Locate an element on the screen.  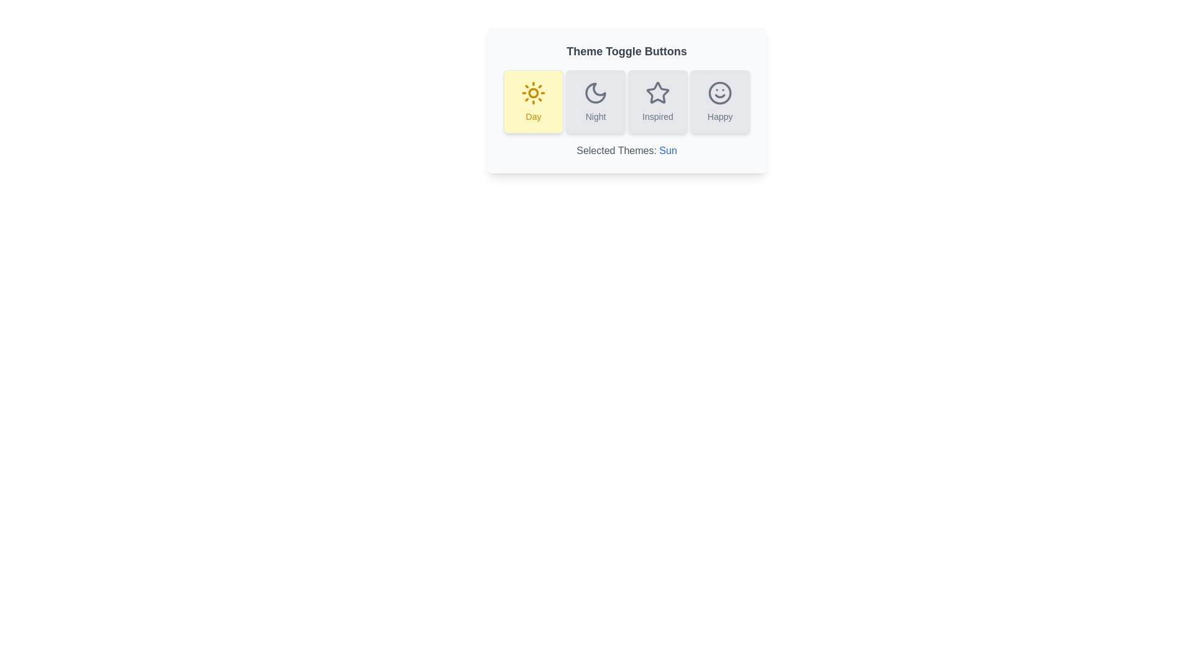
the text label displaying 'Day', which is located inside the leftmost square button with a yellow background and a sun icon above it is located at coordinates (534, 117).